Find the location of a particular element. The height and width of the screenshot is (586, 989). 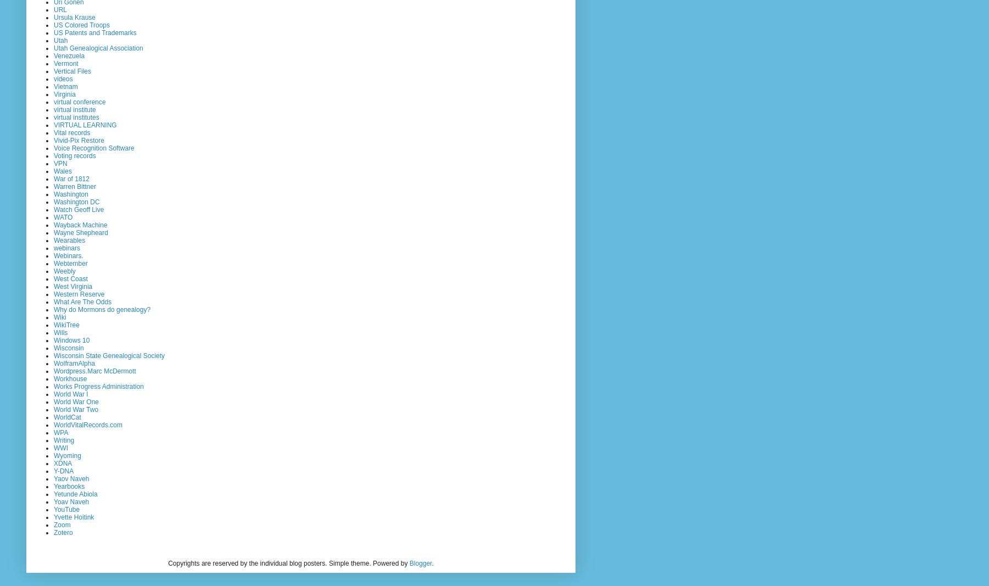

'VPN' is located at coordinates (53, 163).